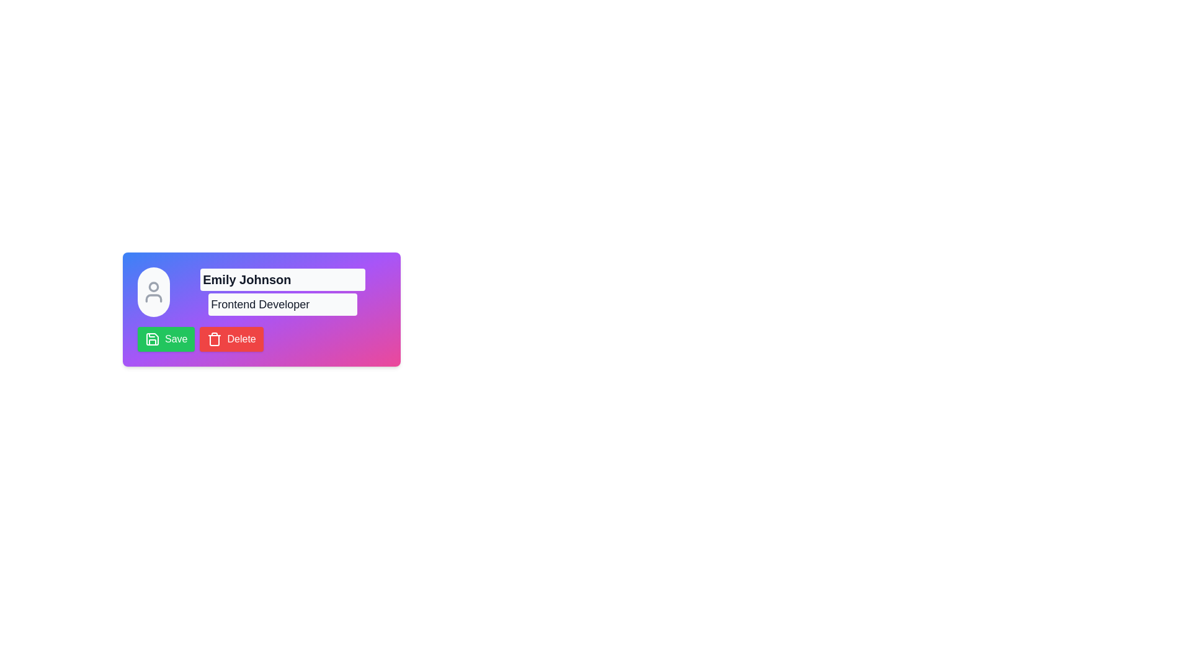 This screenshot has height=670, width=1191. Describe the element at coordinates (175, 339) in the screenshot. I see `the 'Save' text label located inside the button in the lower-left area of the interface` at that location.